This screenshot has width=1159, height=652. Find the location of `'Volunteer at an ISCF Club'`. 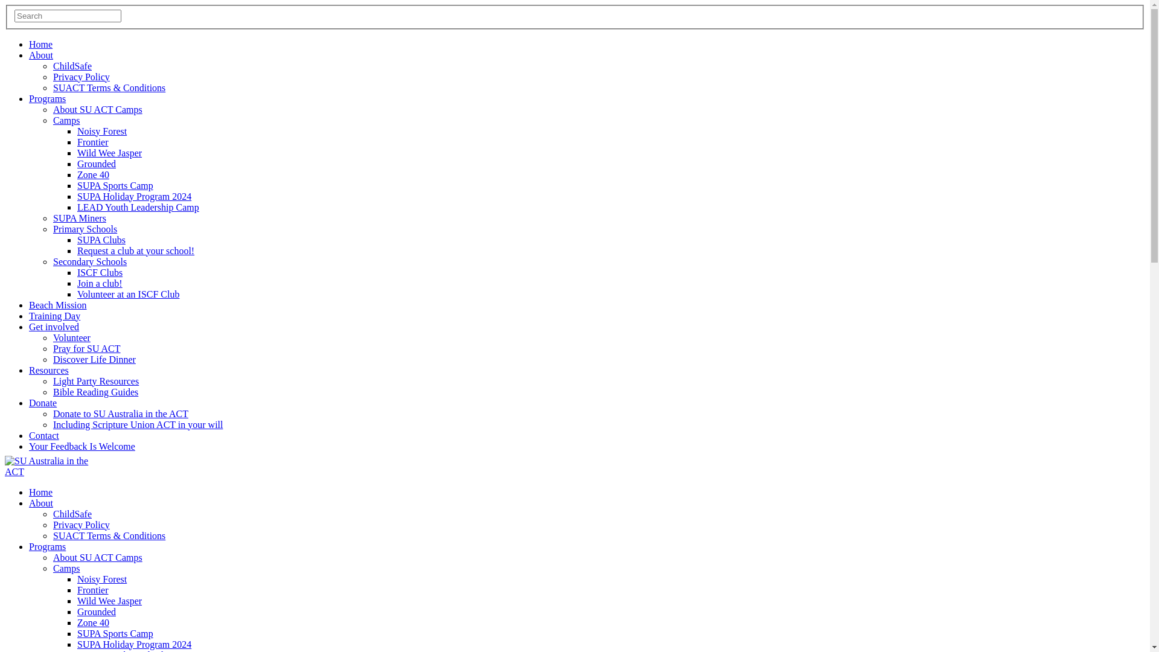

'Volunteer at an ISCF Club' is located at coordinates (77, 294).